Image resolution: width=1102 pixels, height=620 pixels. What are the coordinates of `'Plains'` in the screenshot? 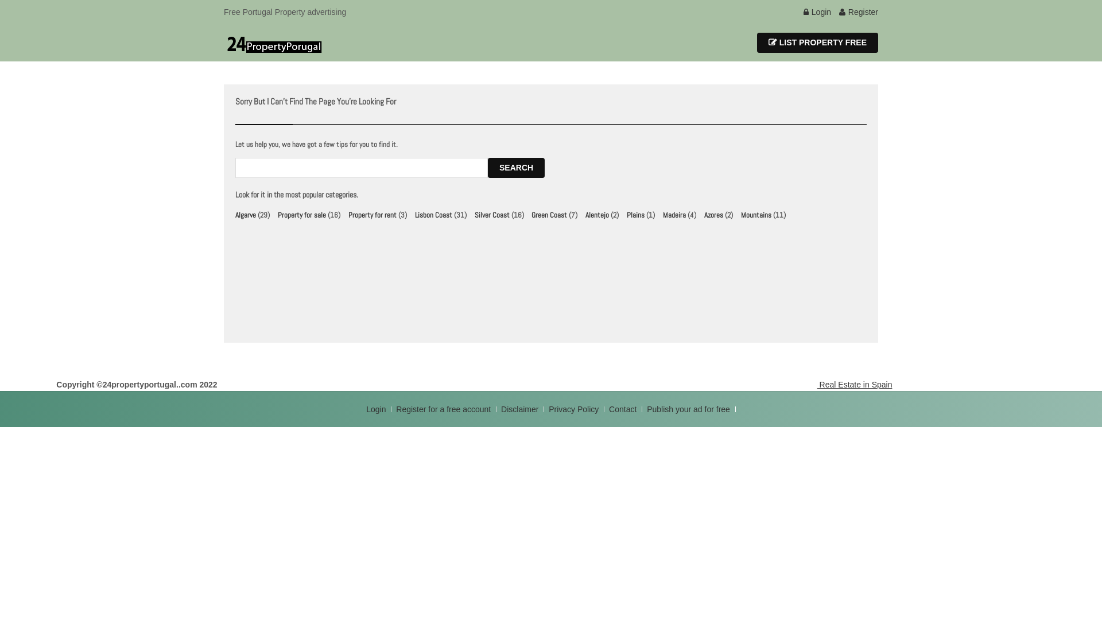 It's located at (635, 215).